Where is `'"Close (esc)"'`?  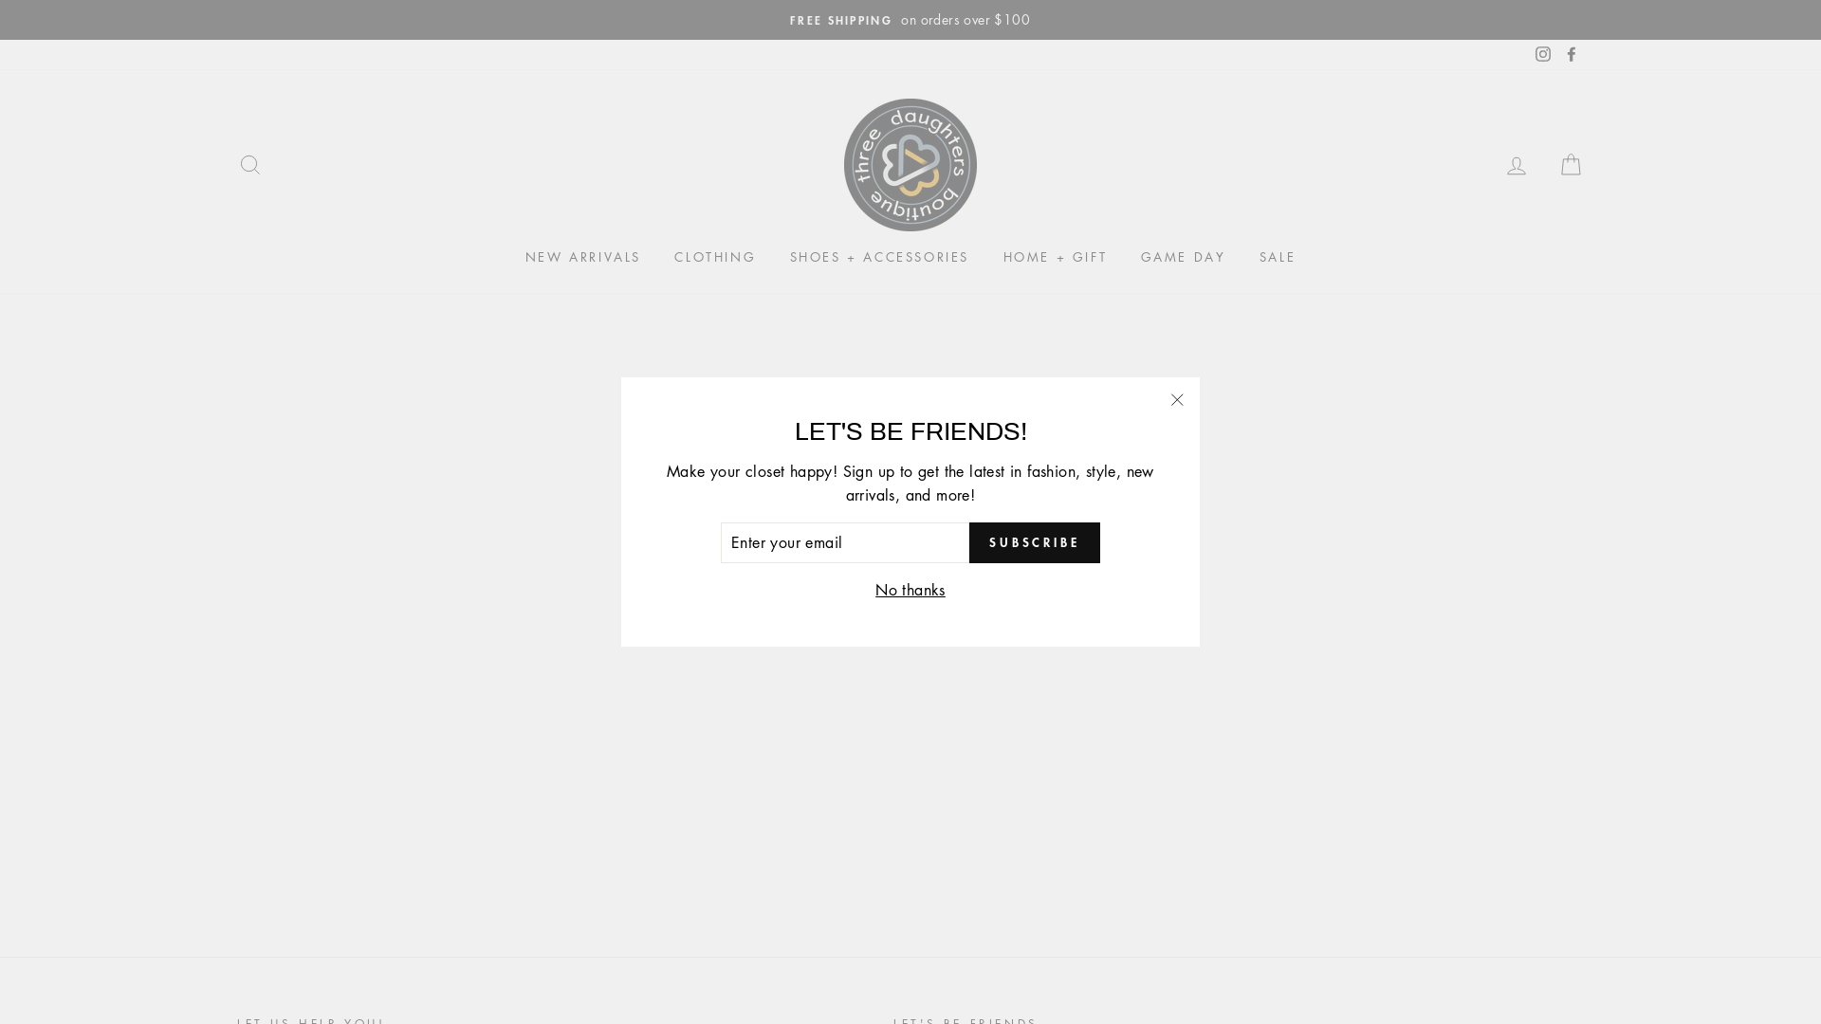
'"Close (esc)"' is located at coordinates (1176, 398).